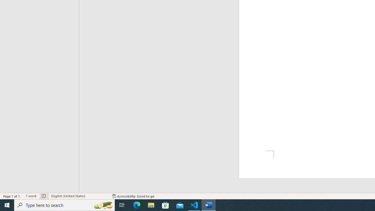 Image resolution: width=375 pixels, height=211 pixels. Describe the element at coordinates (79, 196) in the screenshot. I see `'Language English (United States)'` at that location.